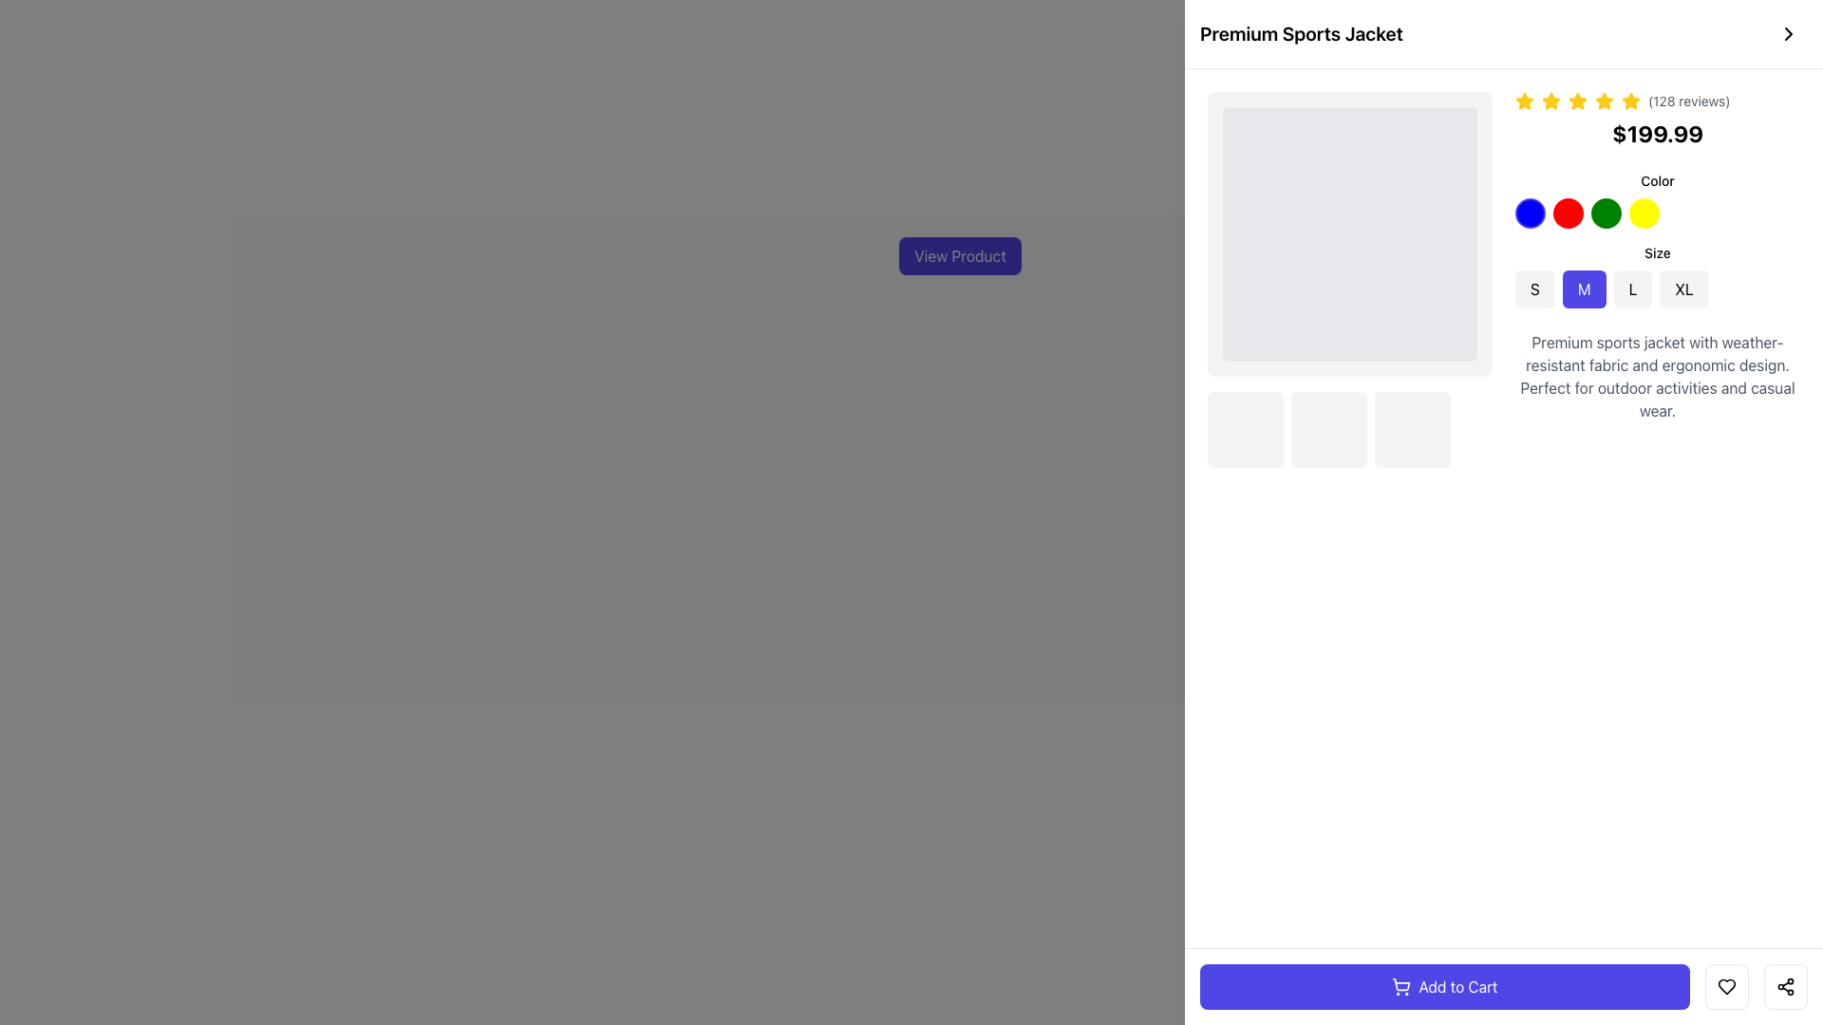  I want to click on the text component displaying '(128 reviews)' in gray, small-sized font located to the right of the five yellow stars, so click(1689, 102).